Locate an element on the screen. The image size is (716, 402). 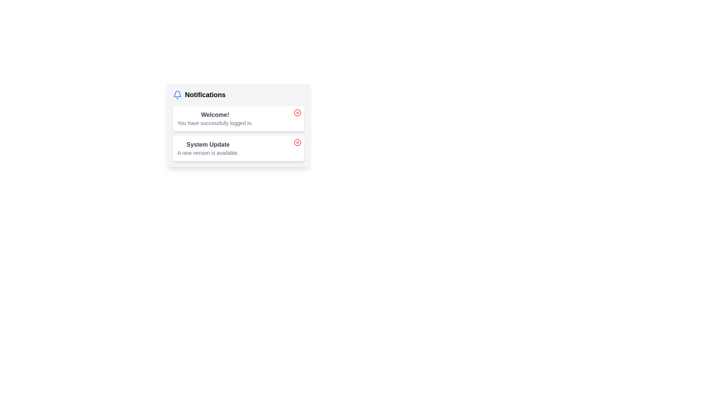
the text label element that reads 'System Update', which is styled in bold and colored dark gray, making it prominent within its notification card is located at coordinates (208, 145).